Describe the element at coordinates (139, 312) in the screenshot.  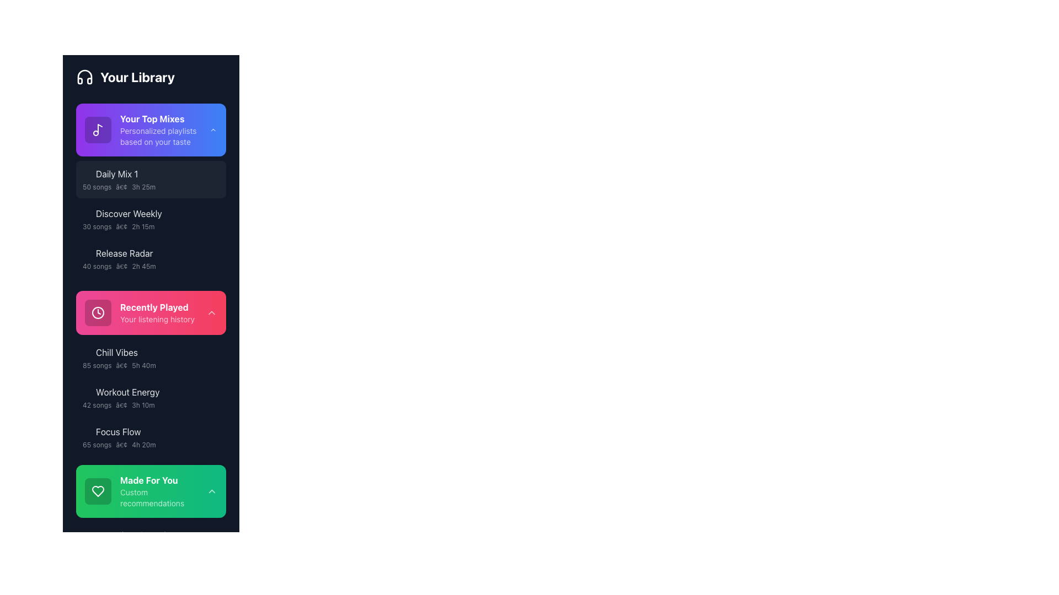
I see `the 'Recently Played' navigation item, which features a pink background with a clock icon on the left and the text 'Recently Played' on the right` at that location.